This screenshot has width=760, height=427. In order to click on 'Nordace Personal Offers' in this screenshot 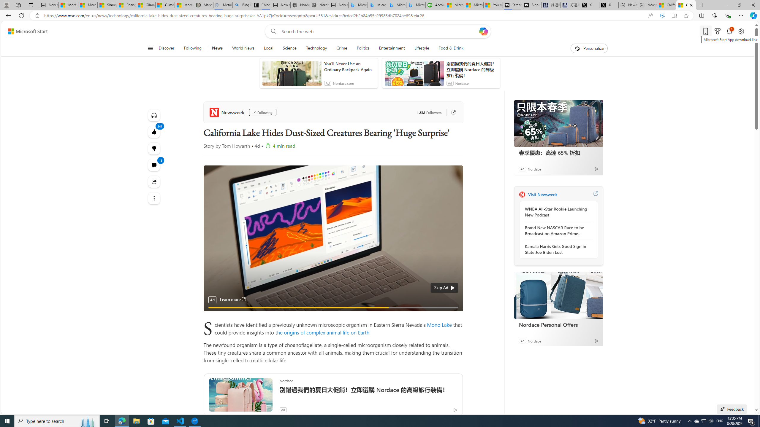, I will do `click(558, 295)`.